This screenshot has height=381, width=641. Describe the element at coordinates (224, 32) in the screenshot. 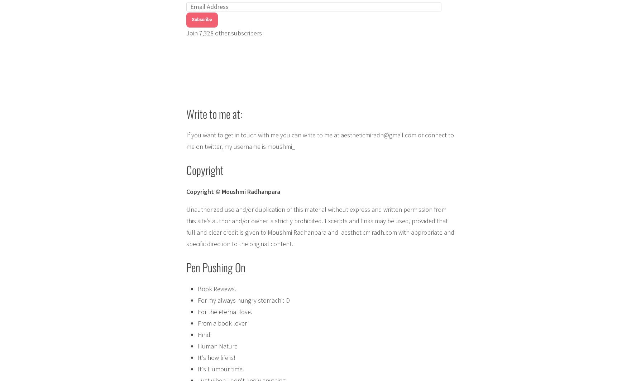

I see `'Join 7,328 other subscribers'` at that location.